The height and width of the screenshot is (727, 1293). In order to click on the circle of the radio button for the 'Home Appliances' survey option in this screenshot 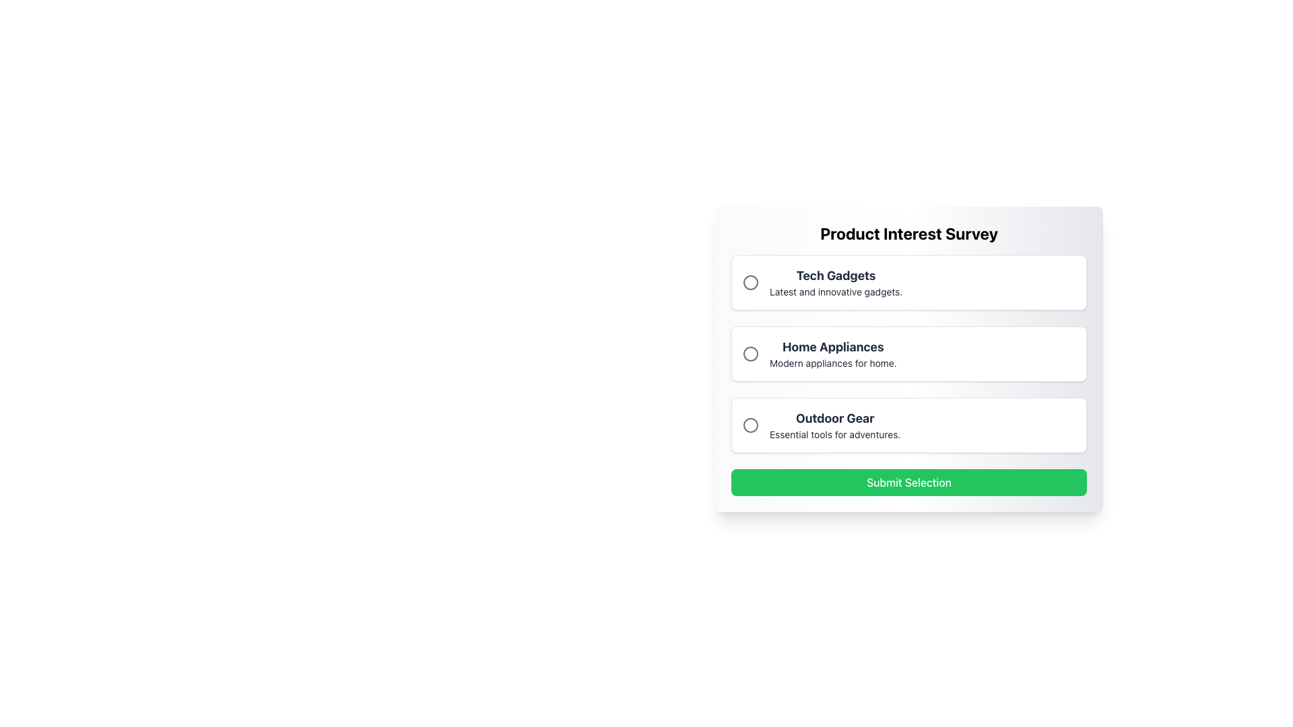, I will do `click(750, 353)`.